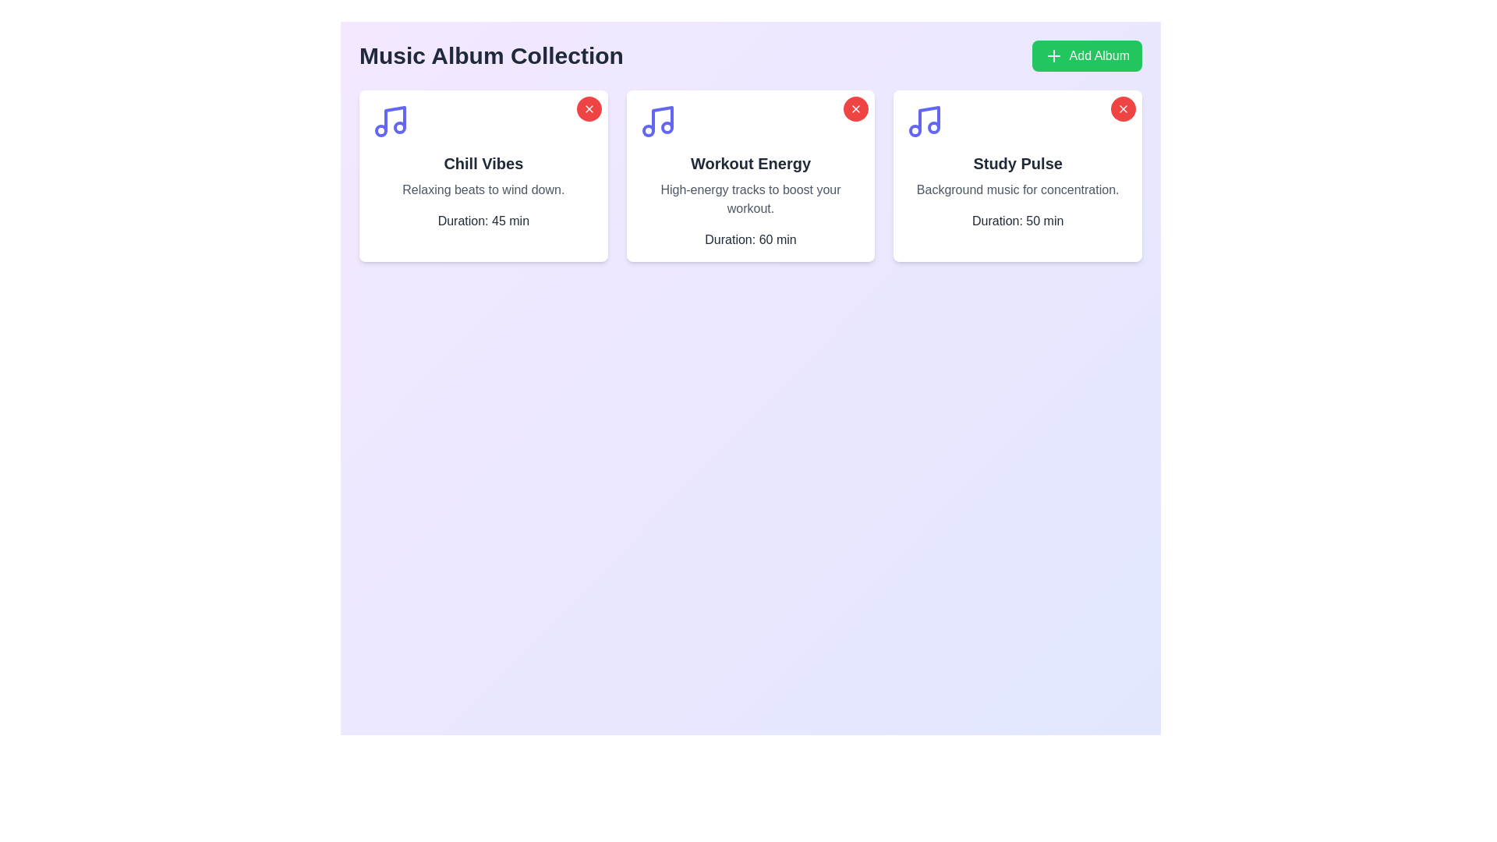  Describe the element at coordinates (1053, 55) in the screenshot. I see `the green 'Add Album' button containing the plus sign icon` at that location.